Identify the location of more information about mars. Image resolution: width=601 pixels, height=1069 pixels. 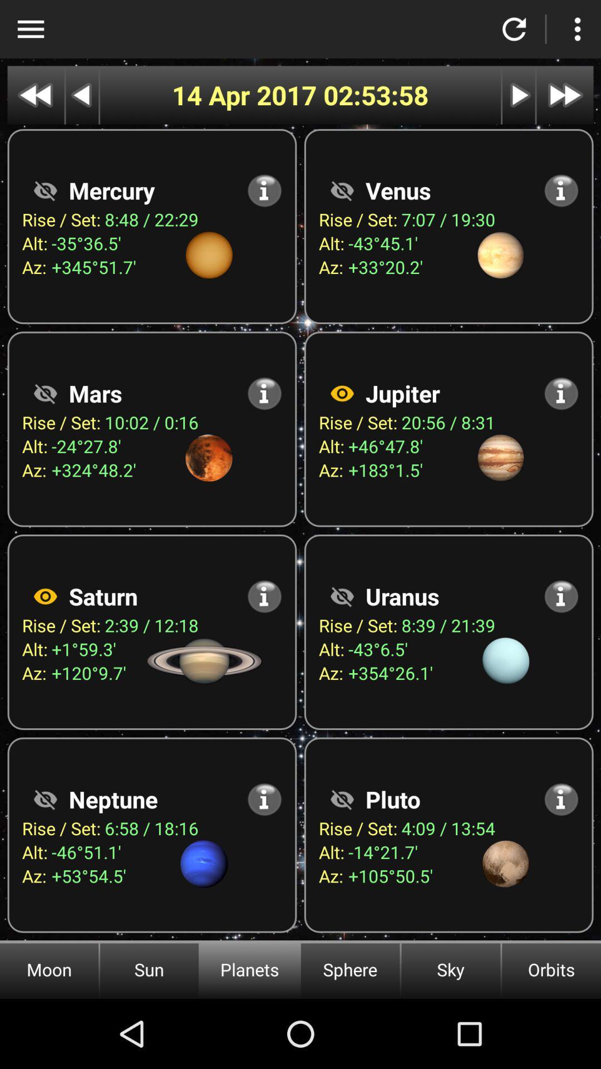
(264, 393).